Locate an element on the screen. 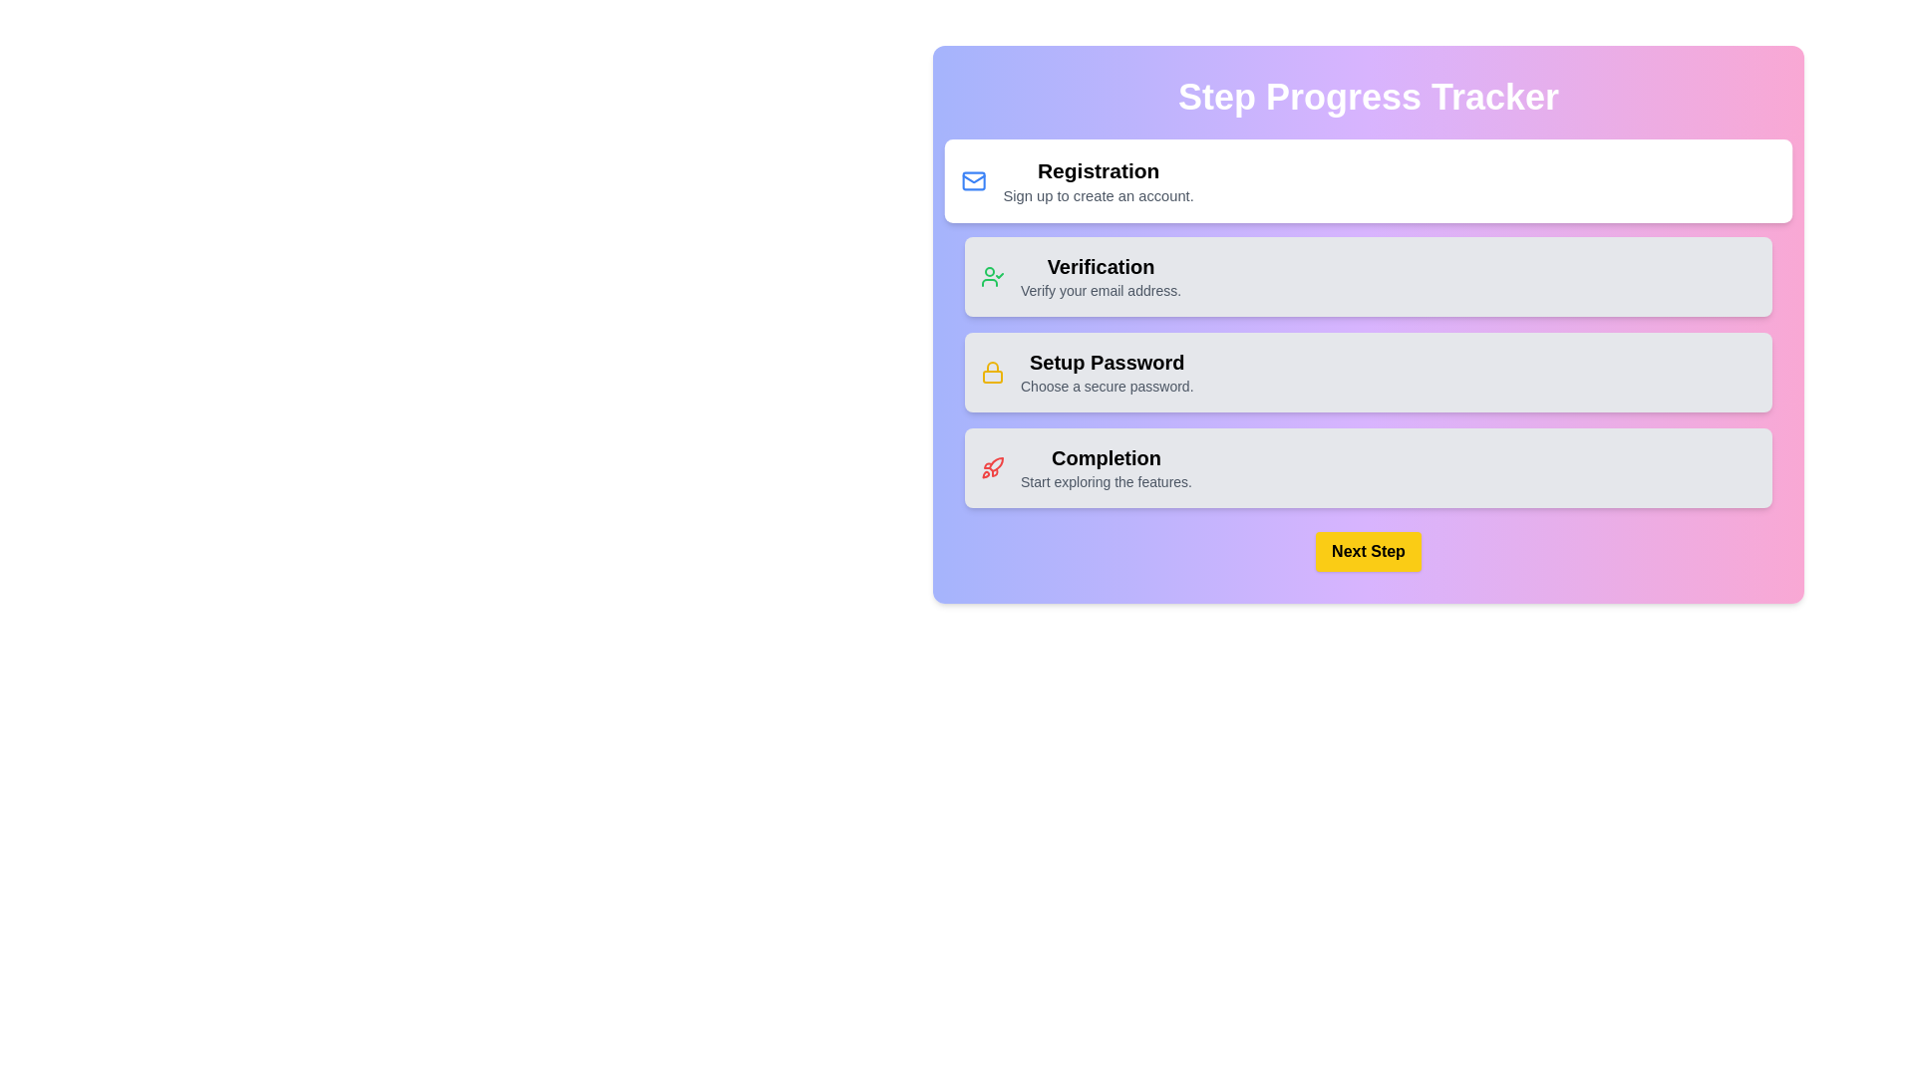  the text label providing guidance on setting up a password, located directly below the 'Setup Password' text in the 'Step Progress Tracker' section is located at coordinates (1106, 387).